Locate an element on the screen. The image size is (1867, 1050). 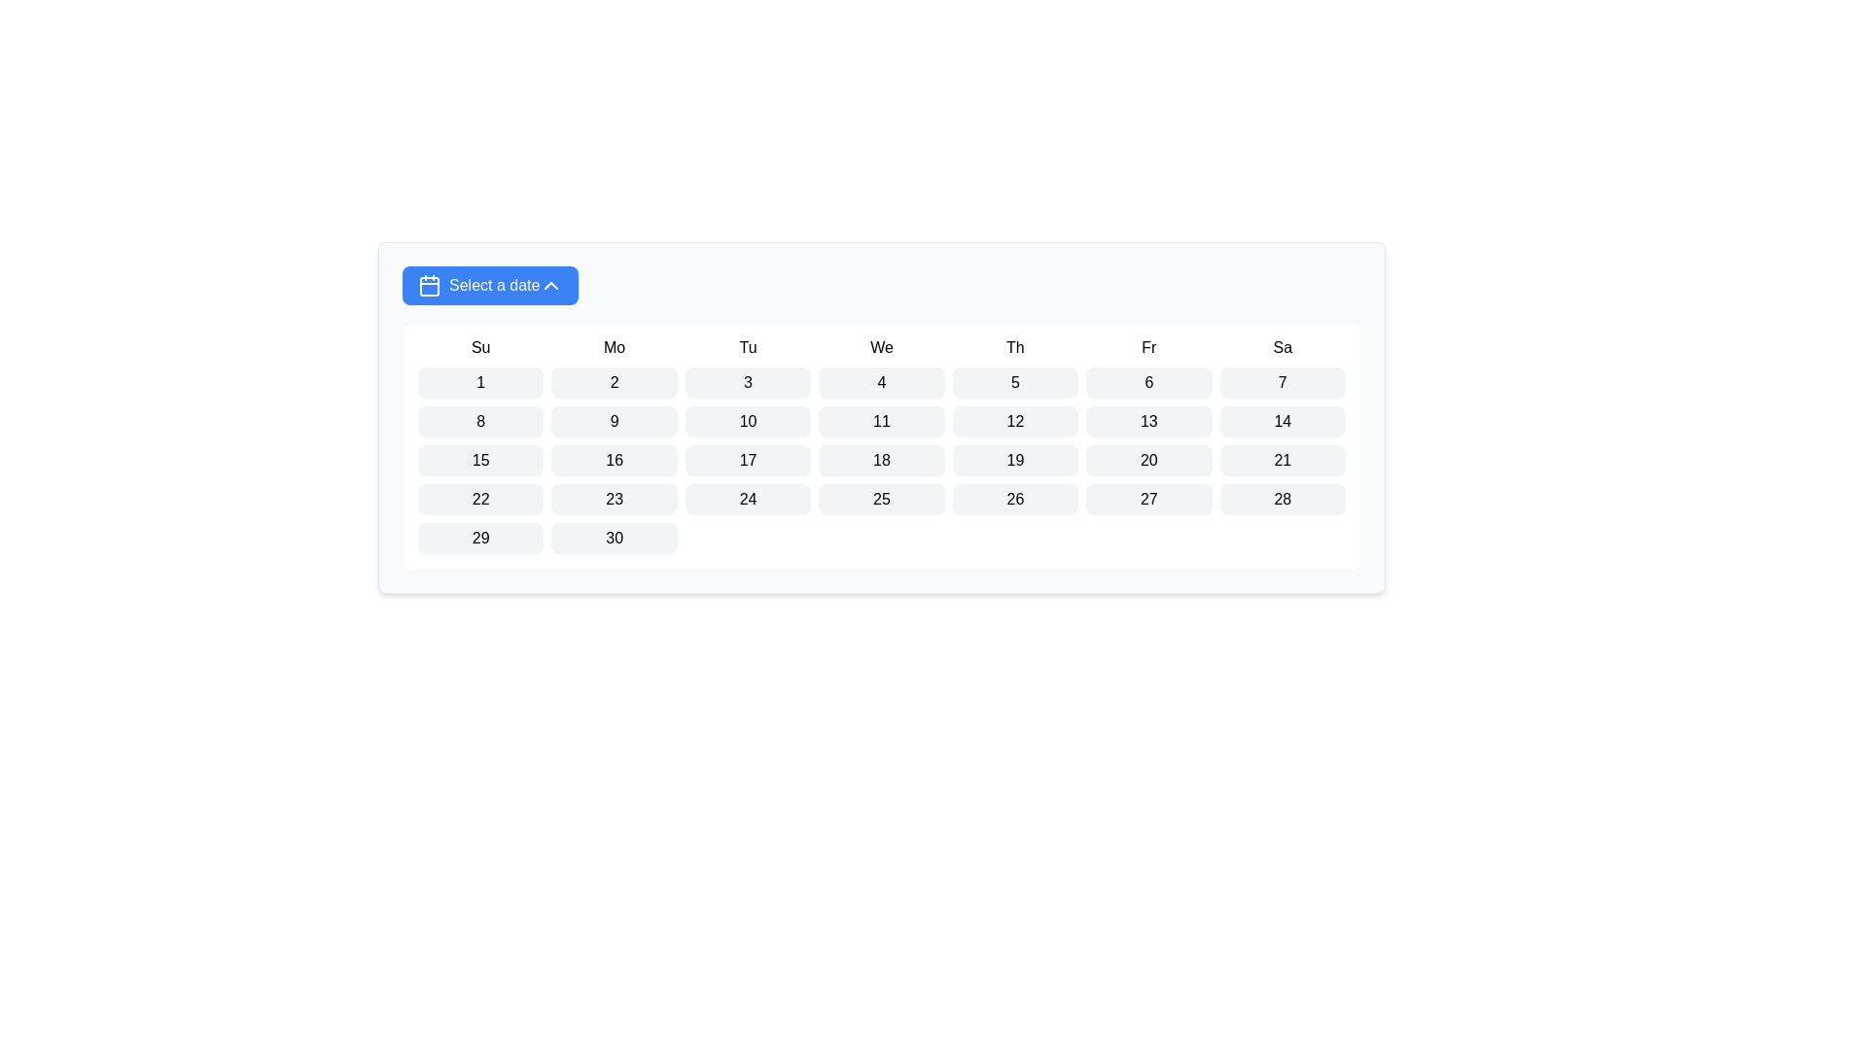
the calendar day cell representing the date '12th' located in the second row and fifth column underneath 'Th' (Thursday) is located at coordinates (1014, 421).